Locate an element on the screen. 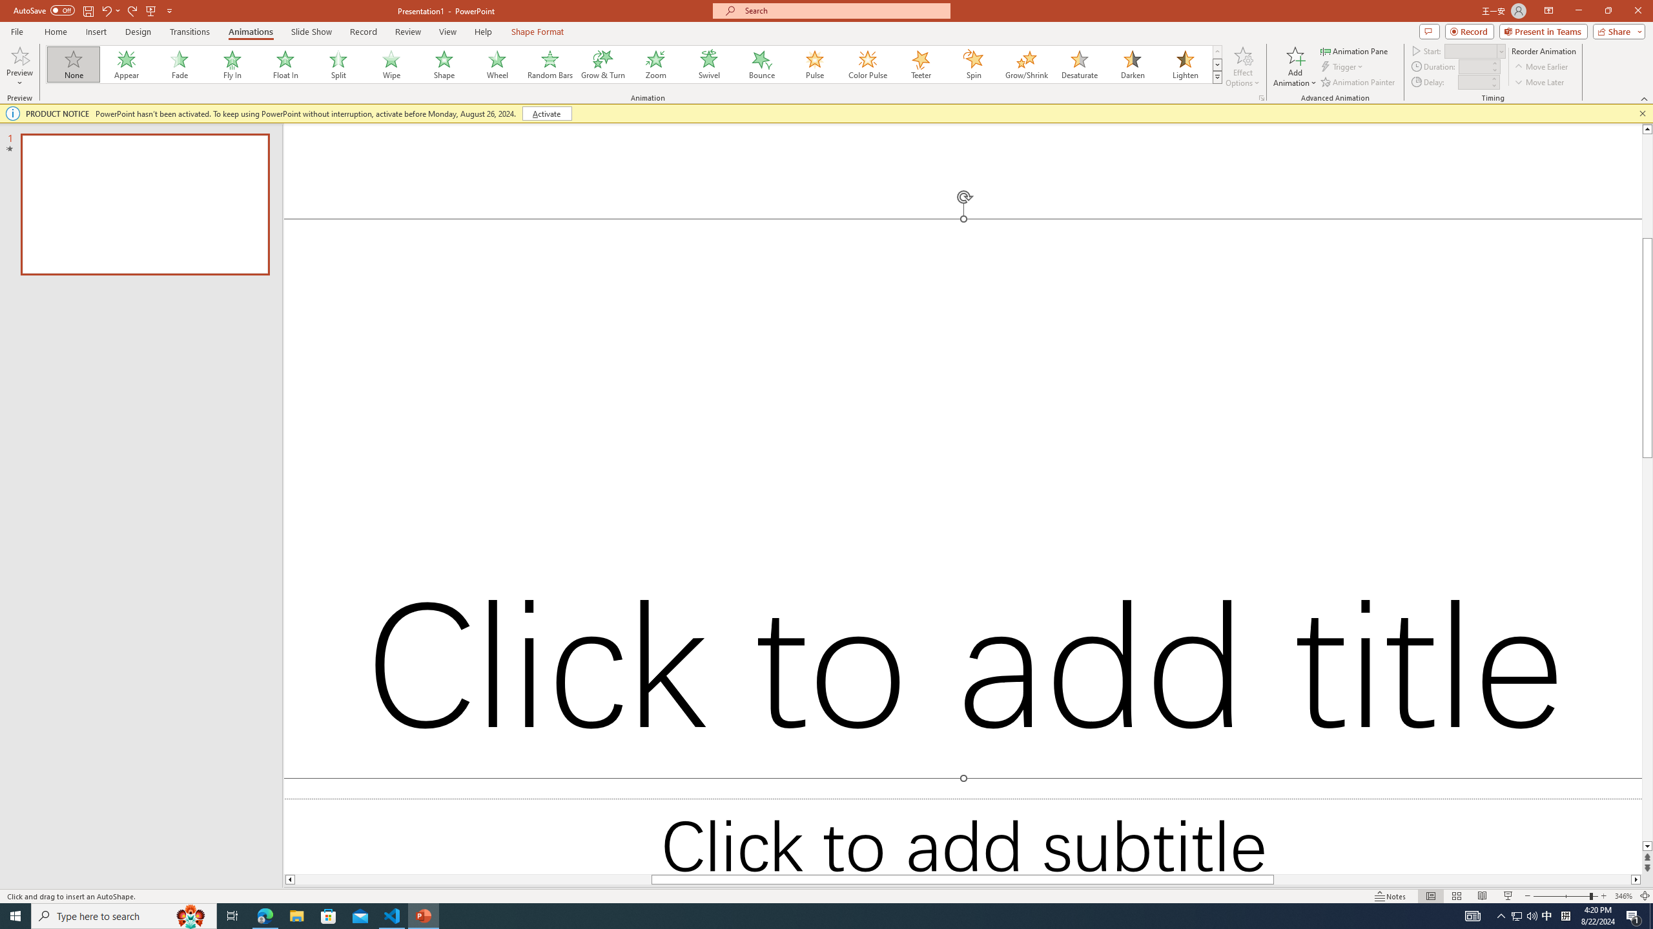 The image size is (1653, 929). 'Grow/Shrink' is located at coordinates (1026, 64).